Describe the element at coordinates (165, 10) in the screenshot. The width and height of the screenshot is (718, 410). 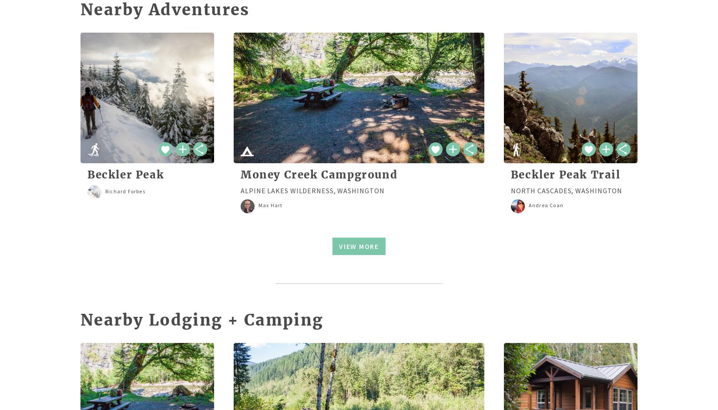
I see `'Nearby Adventures'` at that location.